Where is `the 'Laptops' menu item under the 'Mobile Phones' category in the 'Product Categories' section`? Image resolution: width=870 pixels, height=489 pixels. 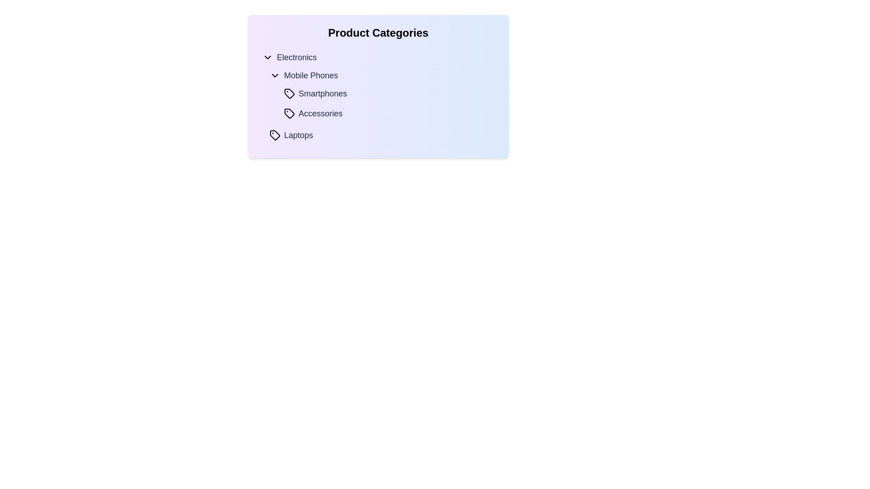
the 'Laptops' menu item under the 'Mobile Phones' category in the 'Product Categories' section is located at coordinates (378, 135).